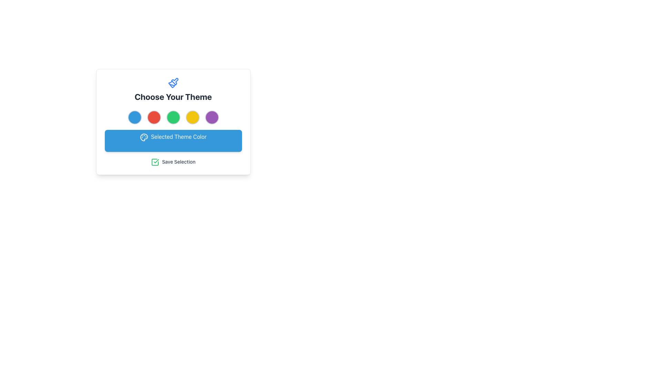 This screenshot has height=372, width=662. Describe the element at coordinates (173, 97) in the screenshot. I see `the text label that serves as the heading for the theme selection section, located below the paintbrush icon` at that location.